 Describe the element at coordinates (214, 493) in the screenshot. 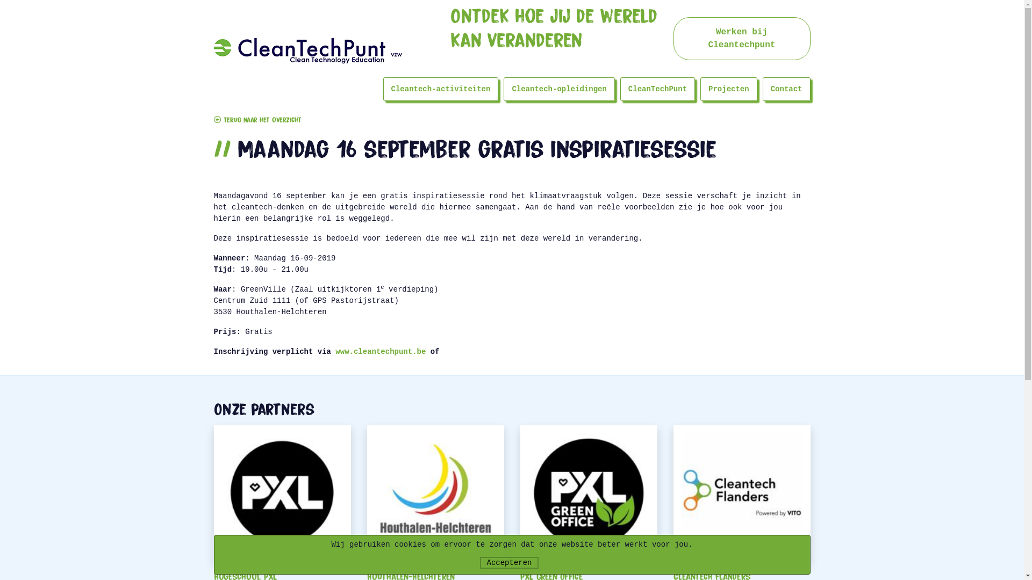

I see `'PXL.jpg'` at that location.